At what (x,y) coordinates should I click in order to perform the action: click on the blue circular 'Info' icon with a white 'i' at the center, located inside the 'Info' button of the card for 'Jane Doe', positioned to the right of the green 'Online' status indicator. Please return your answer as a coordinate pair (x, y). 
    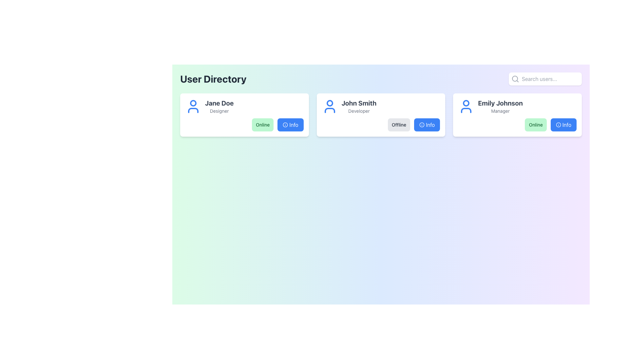
    Looking at the image, I should click on (285, 125).